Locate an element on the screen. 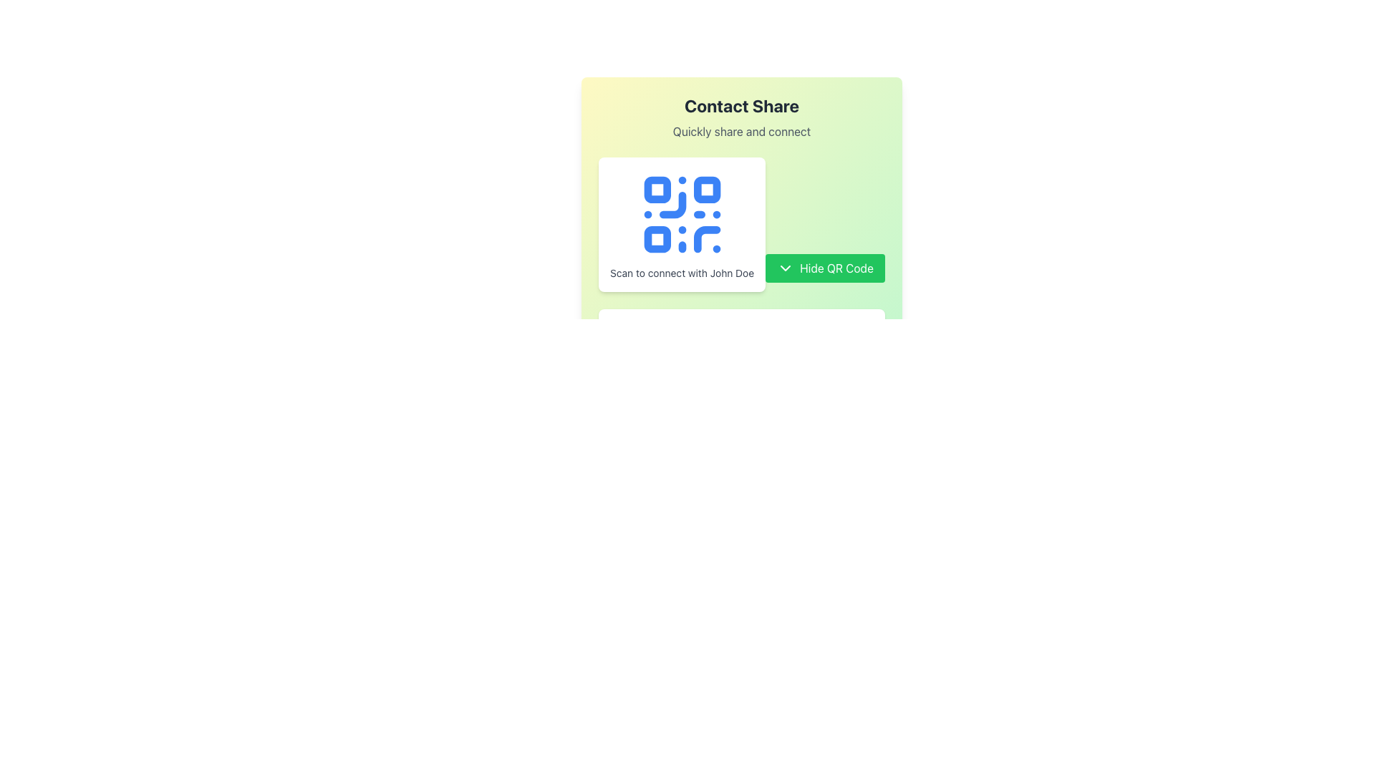 This screenshot has height=773, width=1375. text from the Text Block that summarizes or highlights the functionality of the feature, positioned below the 'Contact Share' title is located at coordinates (742, 132).